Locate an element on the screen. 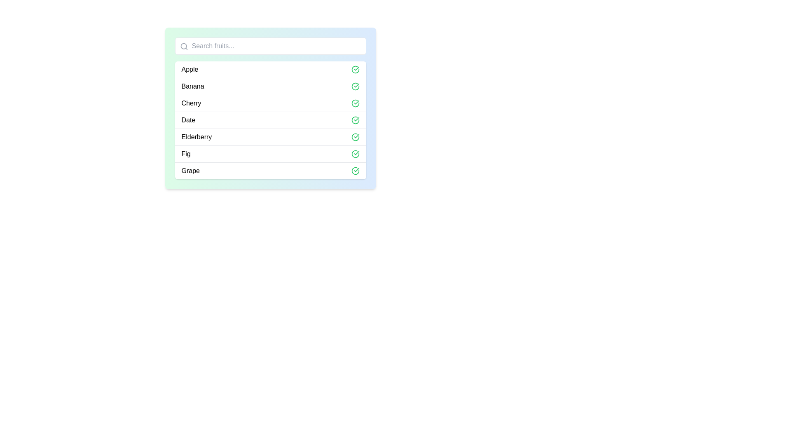  the list item labeled 'Cherry' which is the third item in the fruit selection menu is located at coordinates (270, 103).